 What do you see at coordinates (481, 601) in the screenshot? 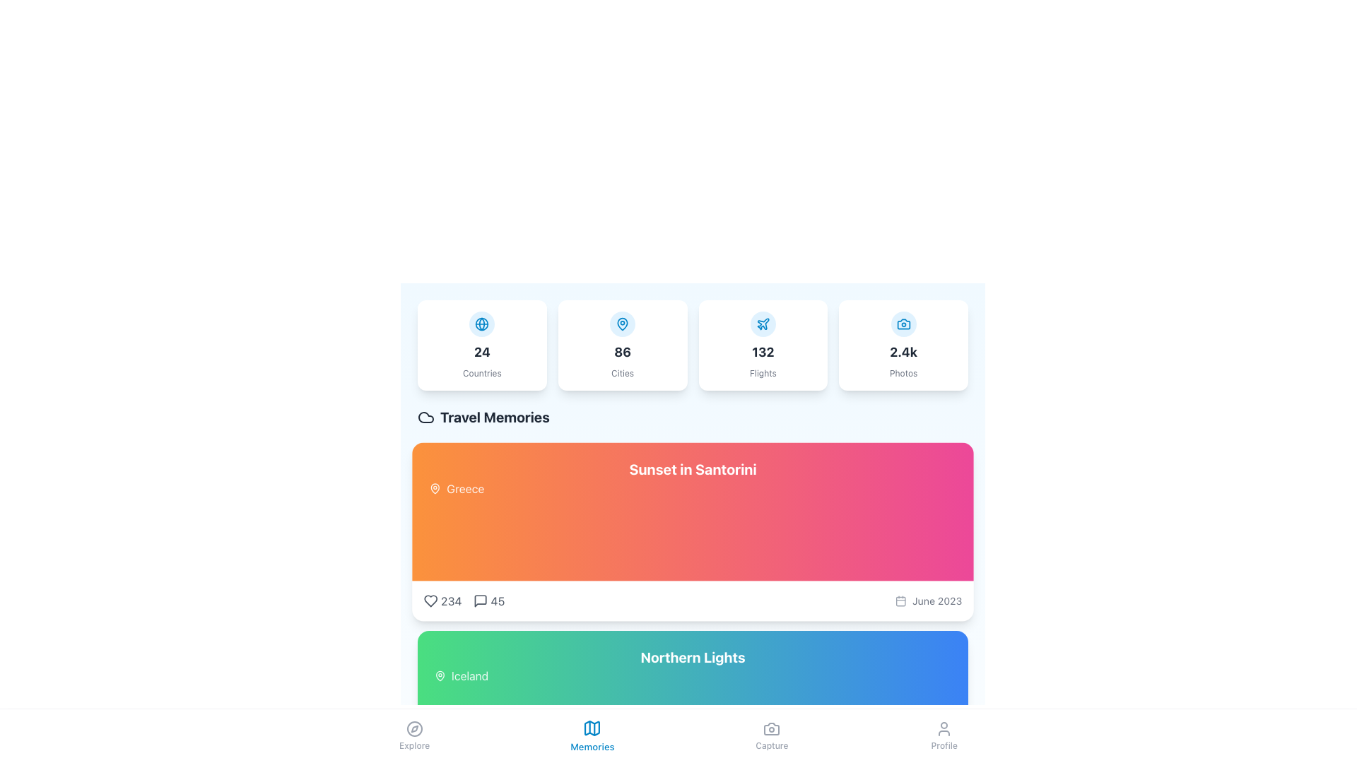
I see `the message square outline icon indicating comments for 'Sunset in Santorini' located in the lower control bar of the memory card` at bounding box center [481, 601].